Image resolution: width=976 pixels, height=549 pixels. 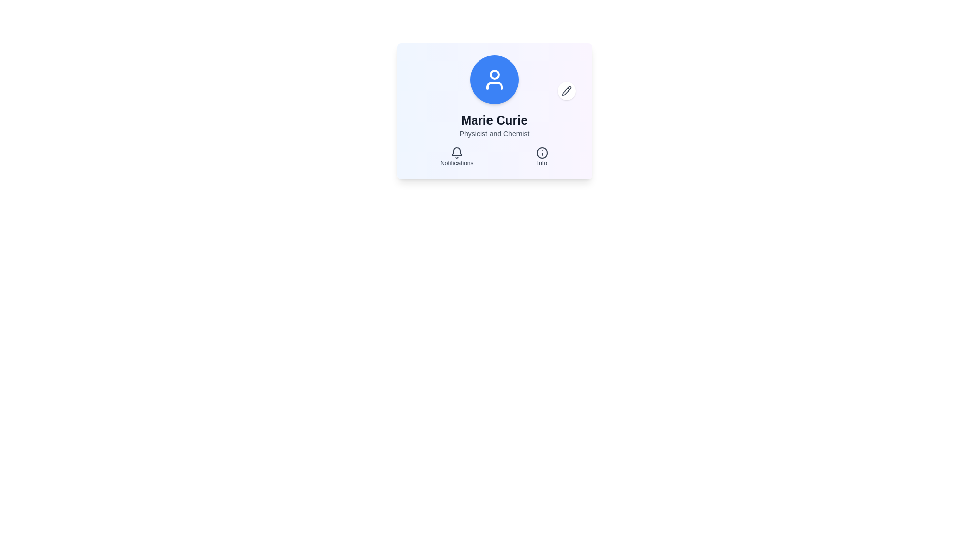 I want to click on the descriptive text label that provides information about an individual, positioned below the circular avatar icon and above the 'Notifications' and 'Info' icons, so click(x=494, y=125).